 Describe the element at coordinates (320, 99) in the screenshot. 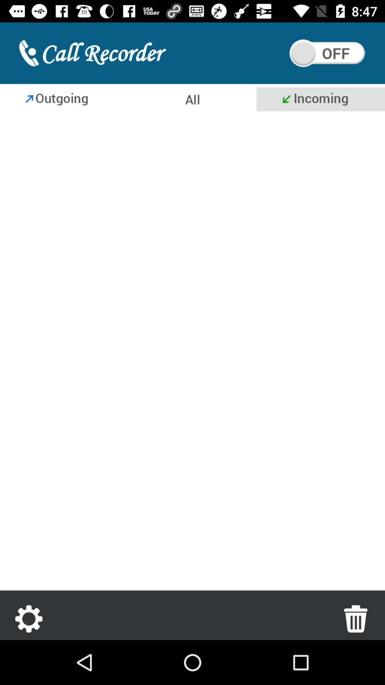

I see `see incoming calls` at that location.